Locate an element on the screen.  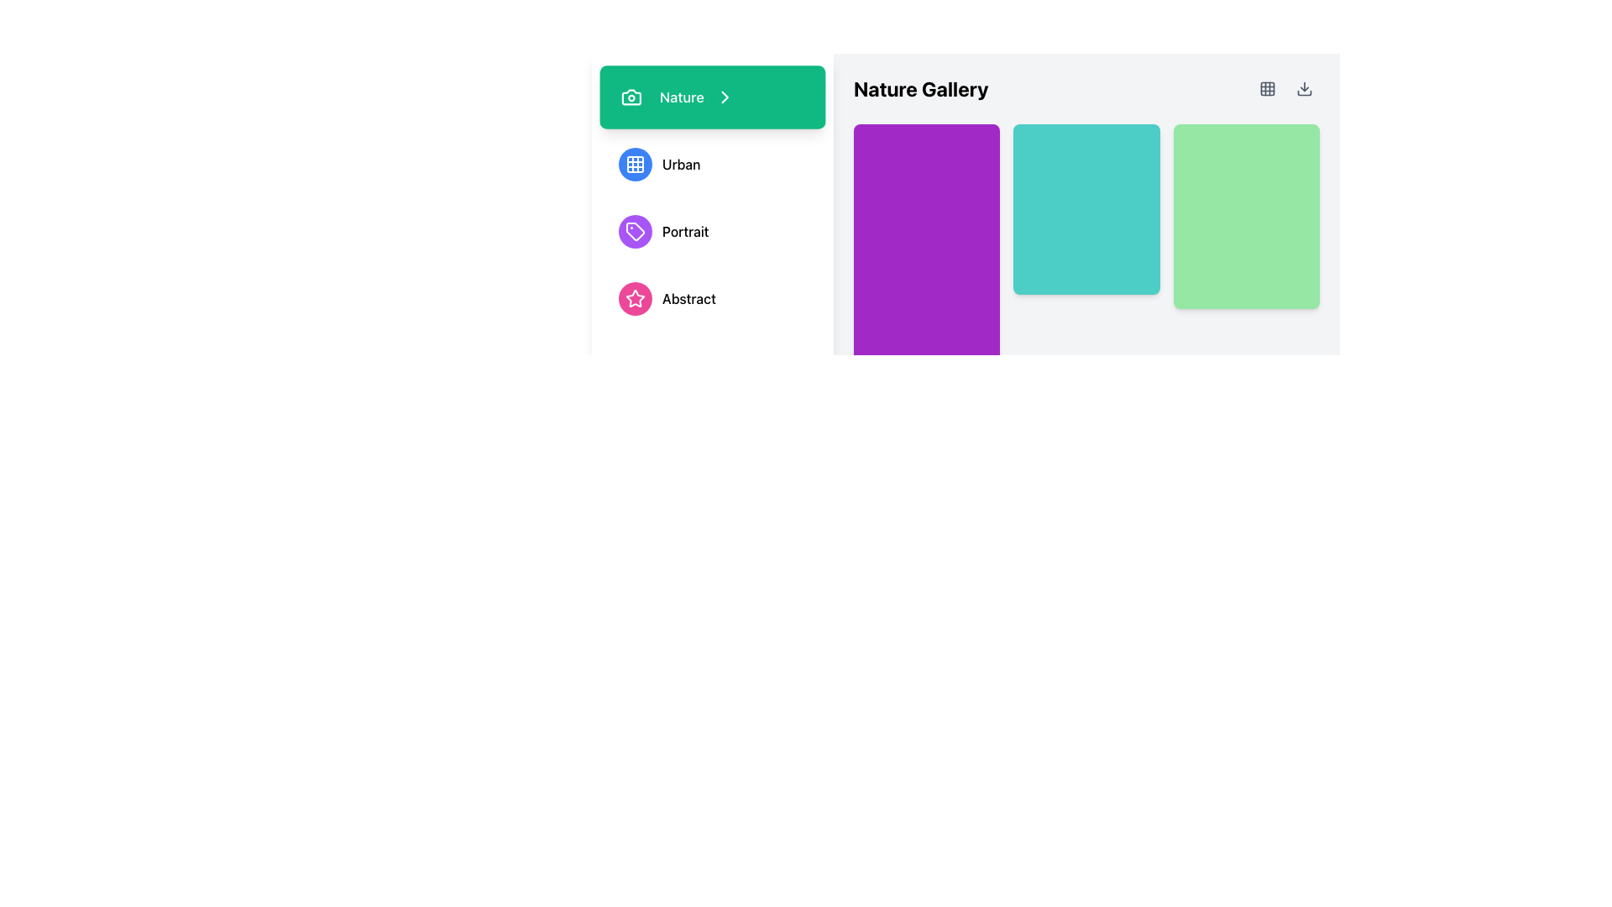
the bold header text 'Nature Gallery' located at the top of the interface by moving the cursor to its center point is located at coordinates (920, 88).